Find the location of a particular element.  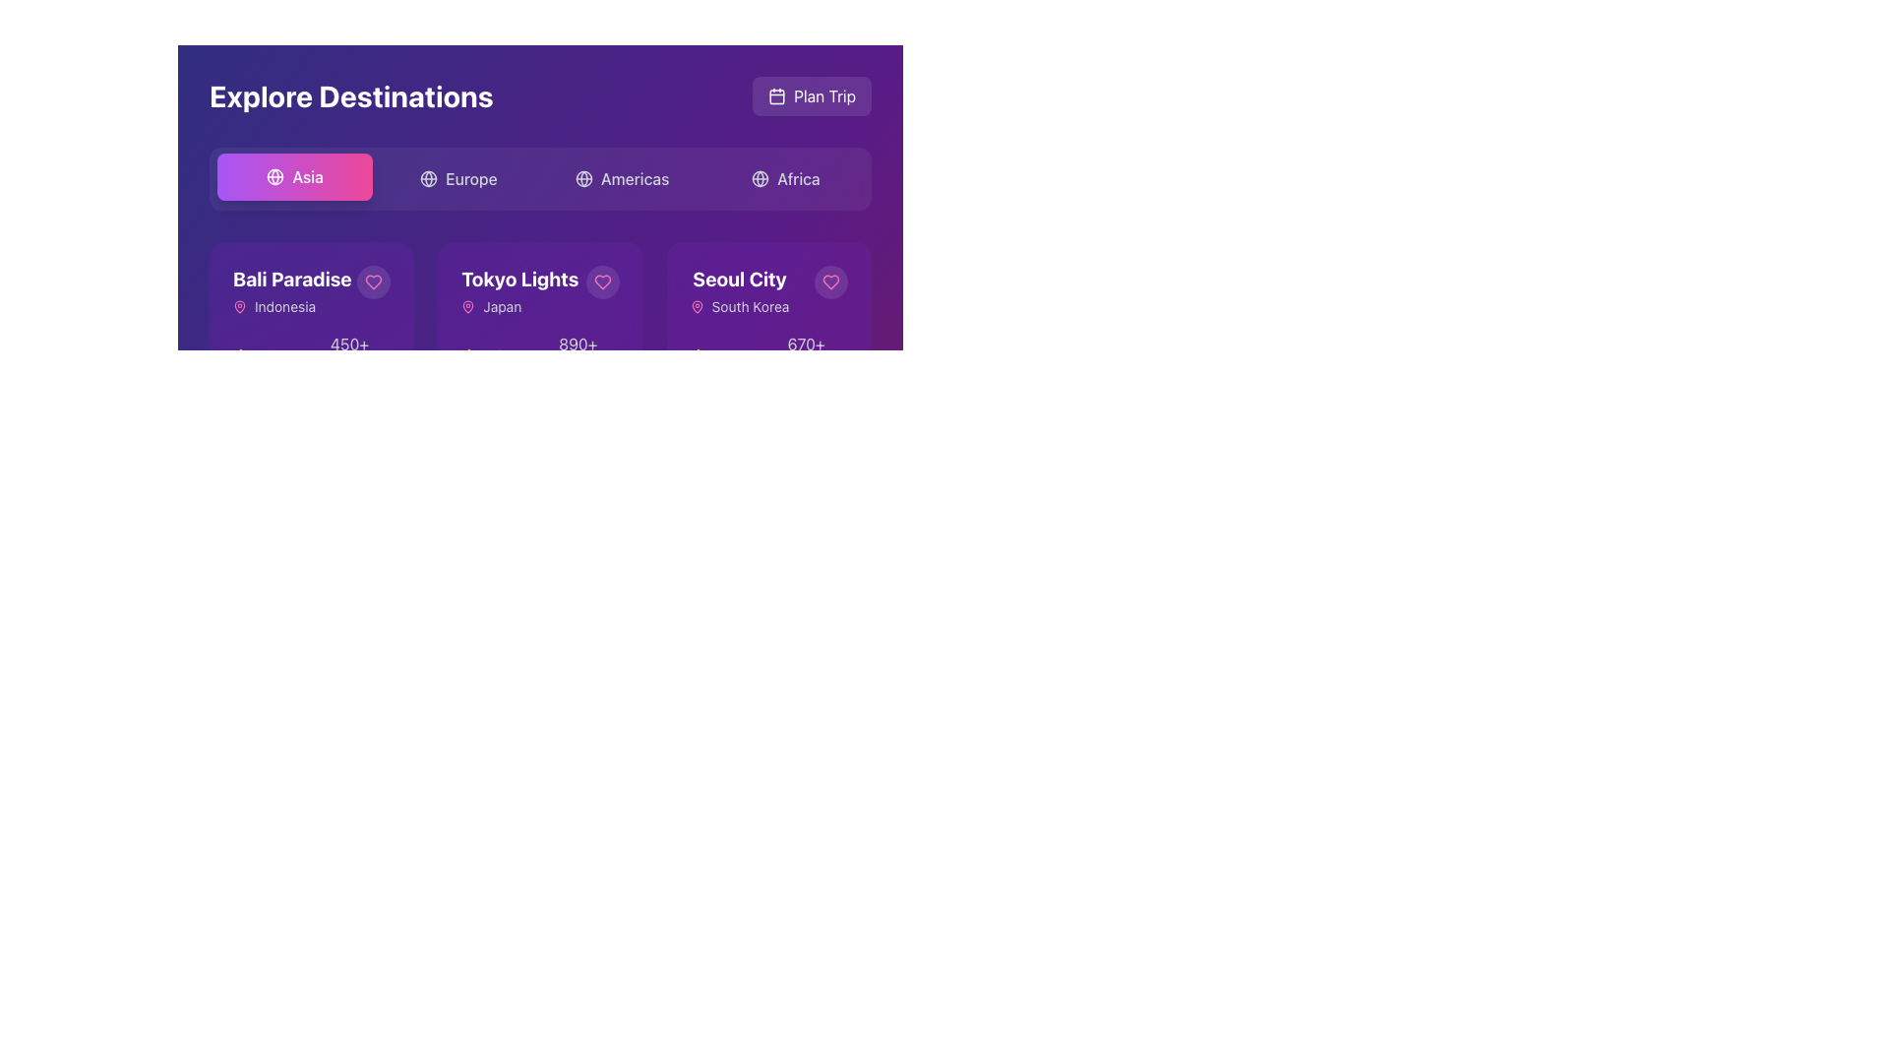

the text label that serves as the title of the destination in the upper section of the card, which is positioned above the smaller text 'Indonesia' and to the left of a heart icon is located at coordinates (291, 280).